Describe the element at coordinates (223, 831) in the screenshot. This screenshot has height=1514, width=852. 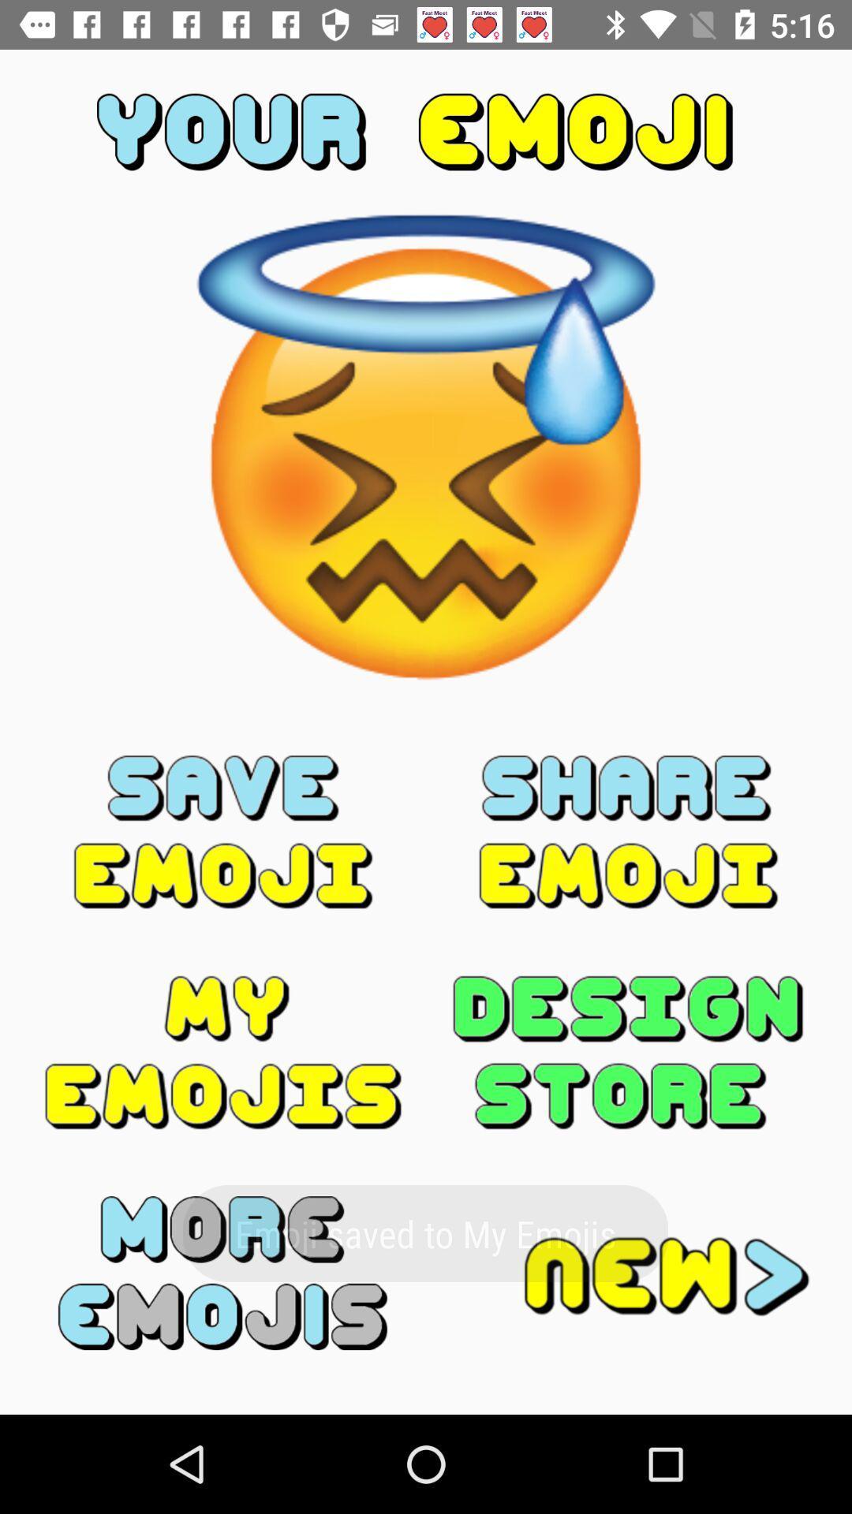
I see `emoji` at that location.